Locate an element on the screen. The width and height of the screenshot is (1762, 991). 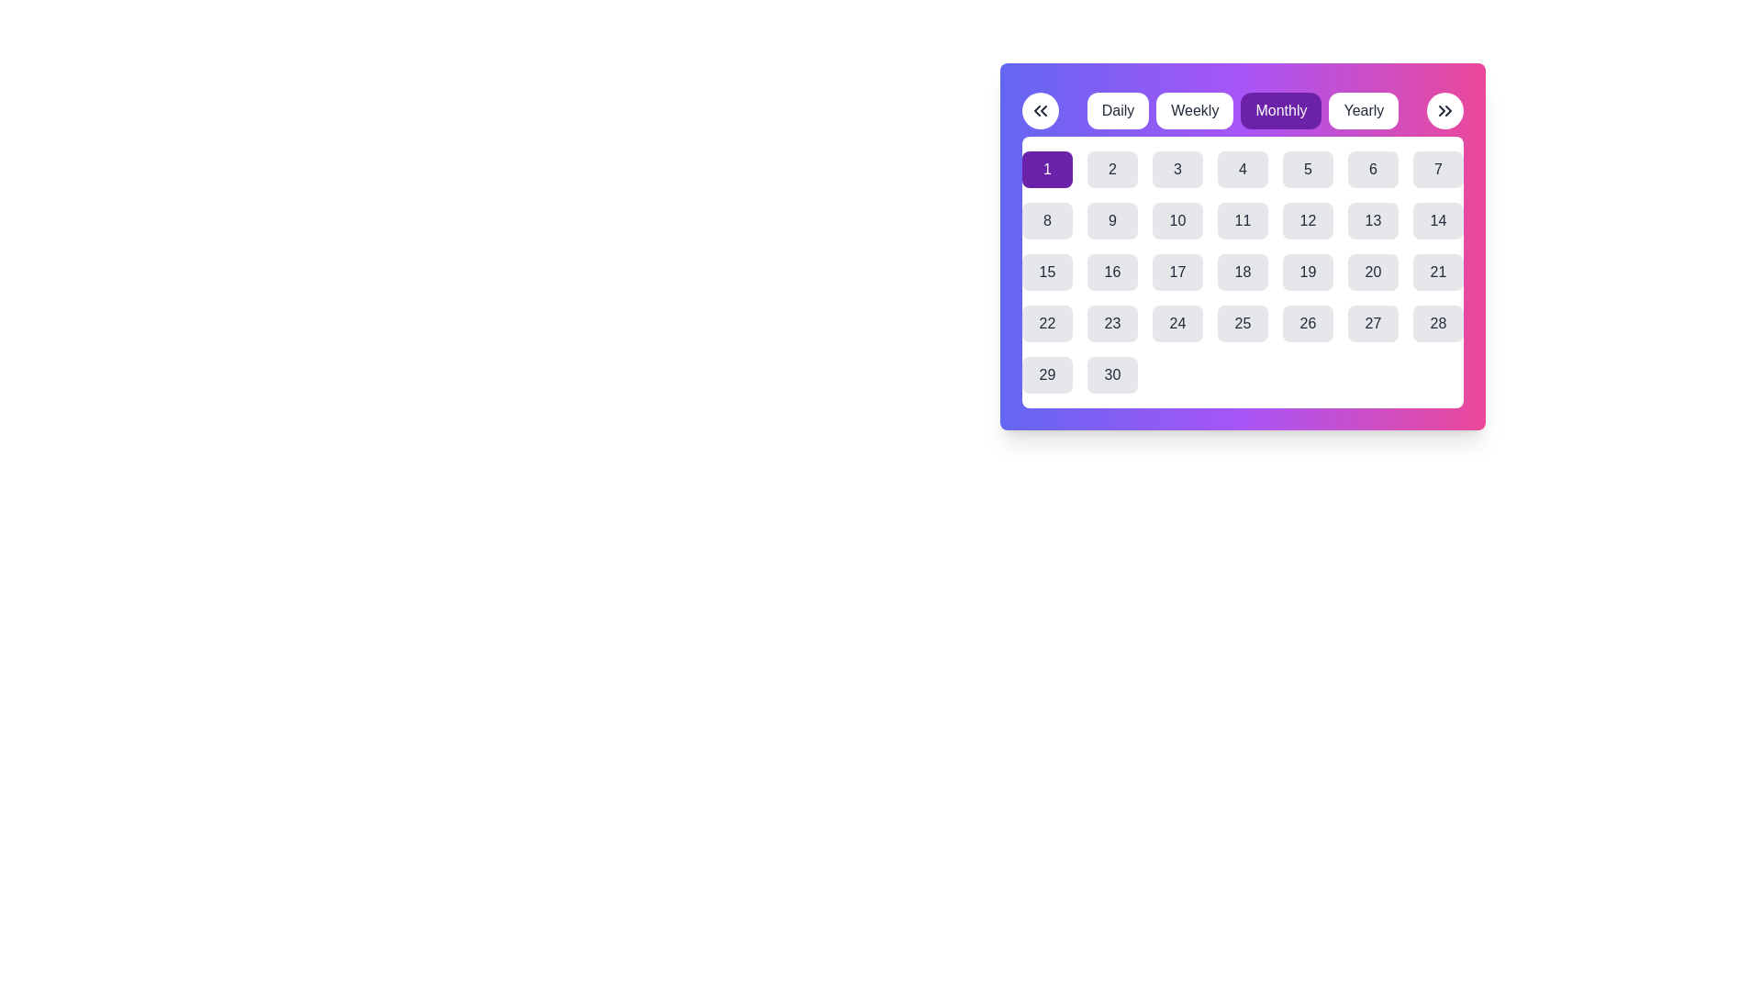
the circular button with a double-chevron icon pointing left, located on the far-left side near the 'Daily' tab, to enable keyboard interaction is located at coordinates (1040, 110).